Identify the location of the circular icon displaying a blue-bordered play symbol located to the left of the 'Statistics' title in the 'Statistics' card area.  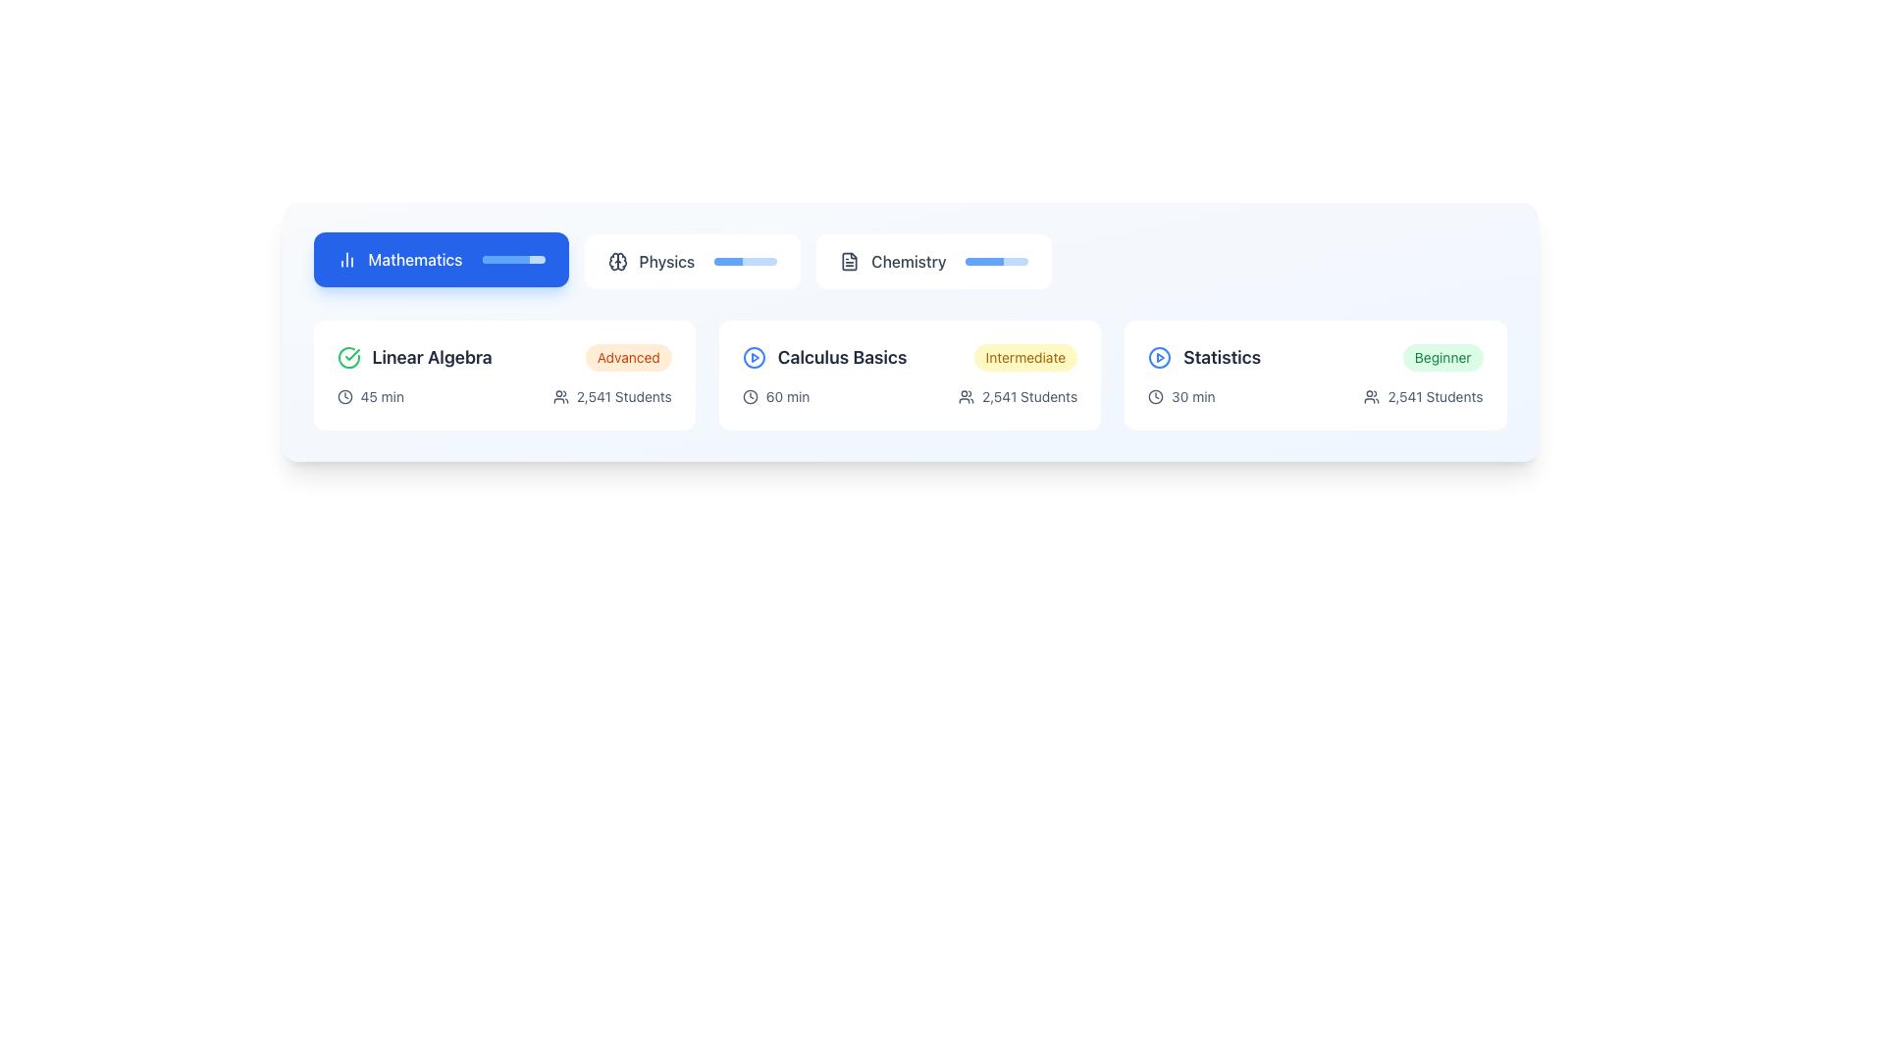
(1160, 358).